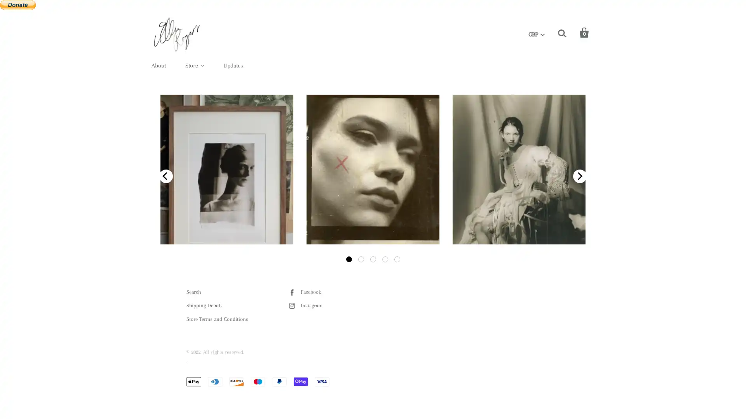 The width and height of the screenshot is (746, 419). Describe the element at coordinates (580, 210) in the screenshot. I see `next` at that location.